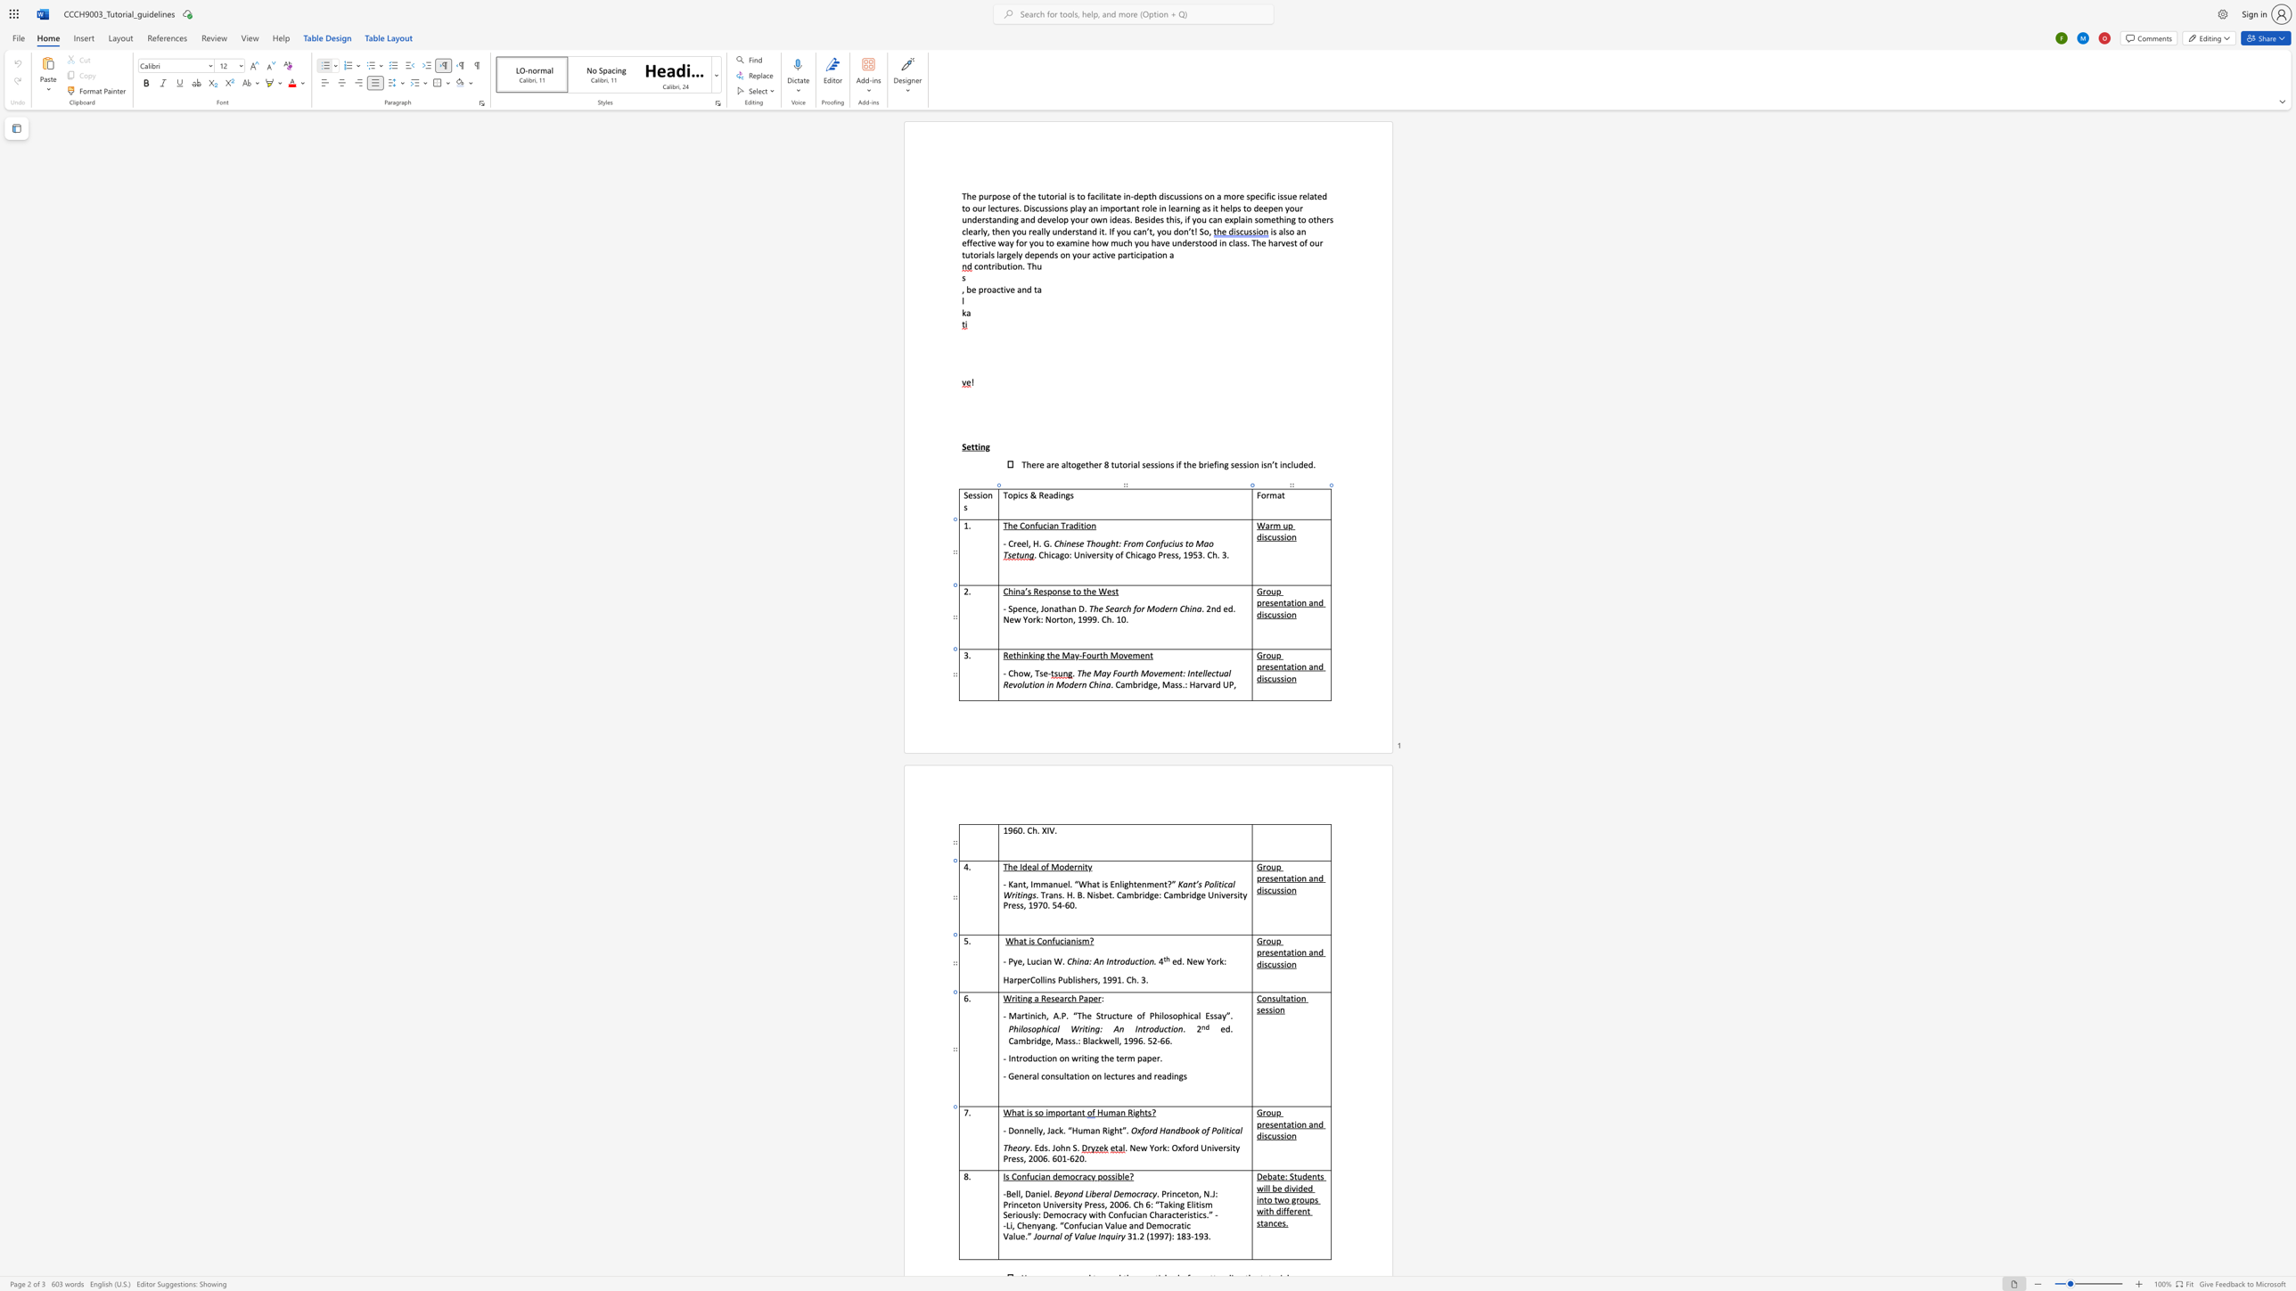  I want to click on the 1th character "t" in the text, so click(1017, 1057).